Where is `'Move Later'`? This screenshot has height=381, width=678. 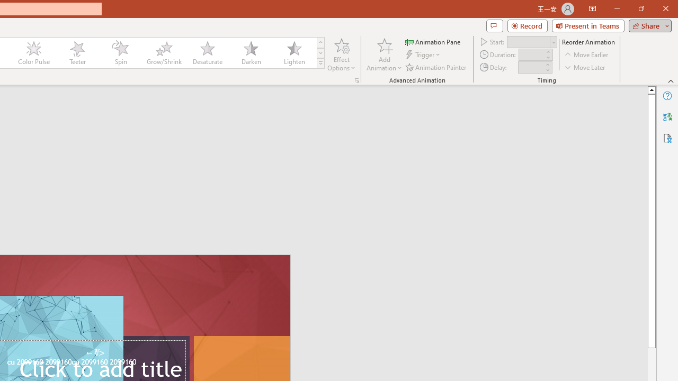
'Move Later' is located at coordinates (585, 67).